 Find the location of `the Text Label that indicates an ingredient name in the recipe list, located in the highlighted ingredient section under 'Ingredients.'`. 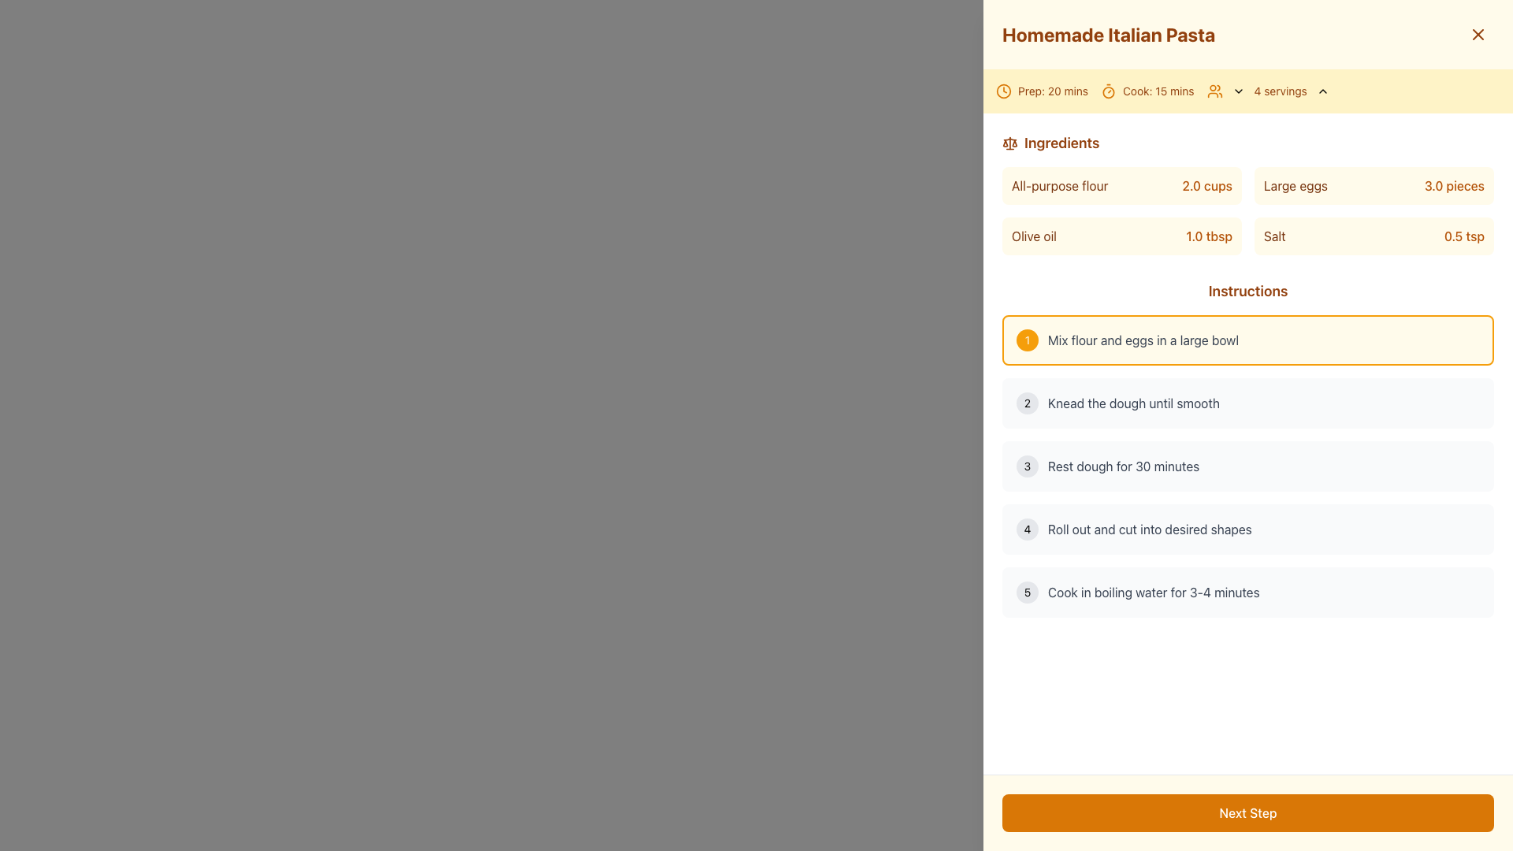

the Text Label that indicates an ingredient name in the recipe list, located in the highlighted ingredient section under 'Ingredients.' is located at coordinates (1274, 236).